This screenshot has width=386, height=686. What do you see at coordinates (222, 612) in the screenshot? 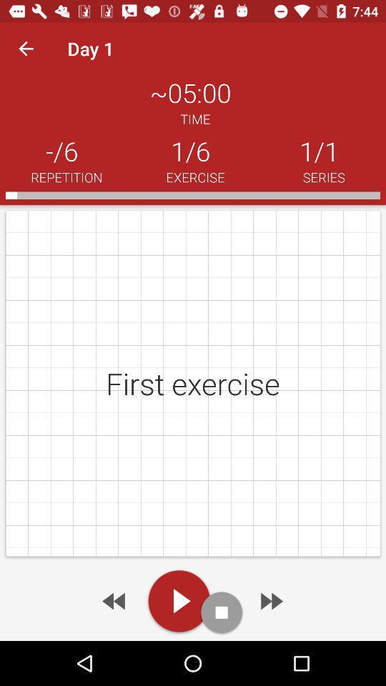
I see `start recording` at bounding box center [222, 612].